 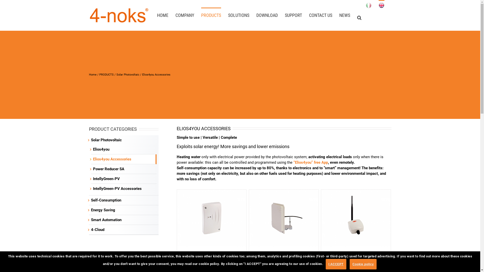 What do you see at coordinates (162, 14) in the screenshot?
I see `'HOME'` at bounding box center [162, 14].